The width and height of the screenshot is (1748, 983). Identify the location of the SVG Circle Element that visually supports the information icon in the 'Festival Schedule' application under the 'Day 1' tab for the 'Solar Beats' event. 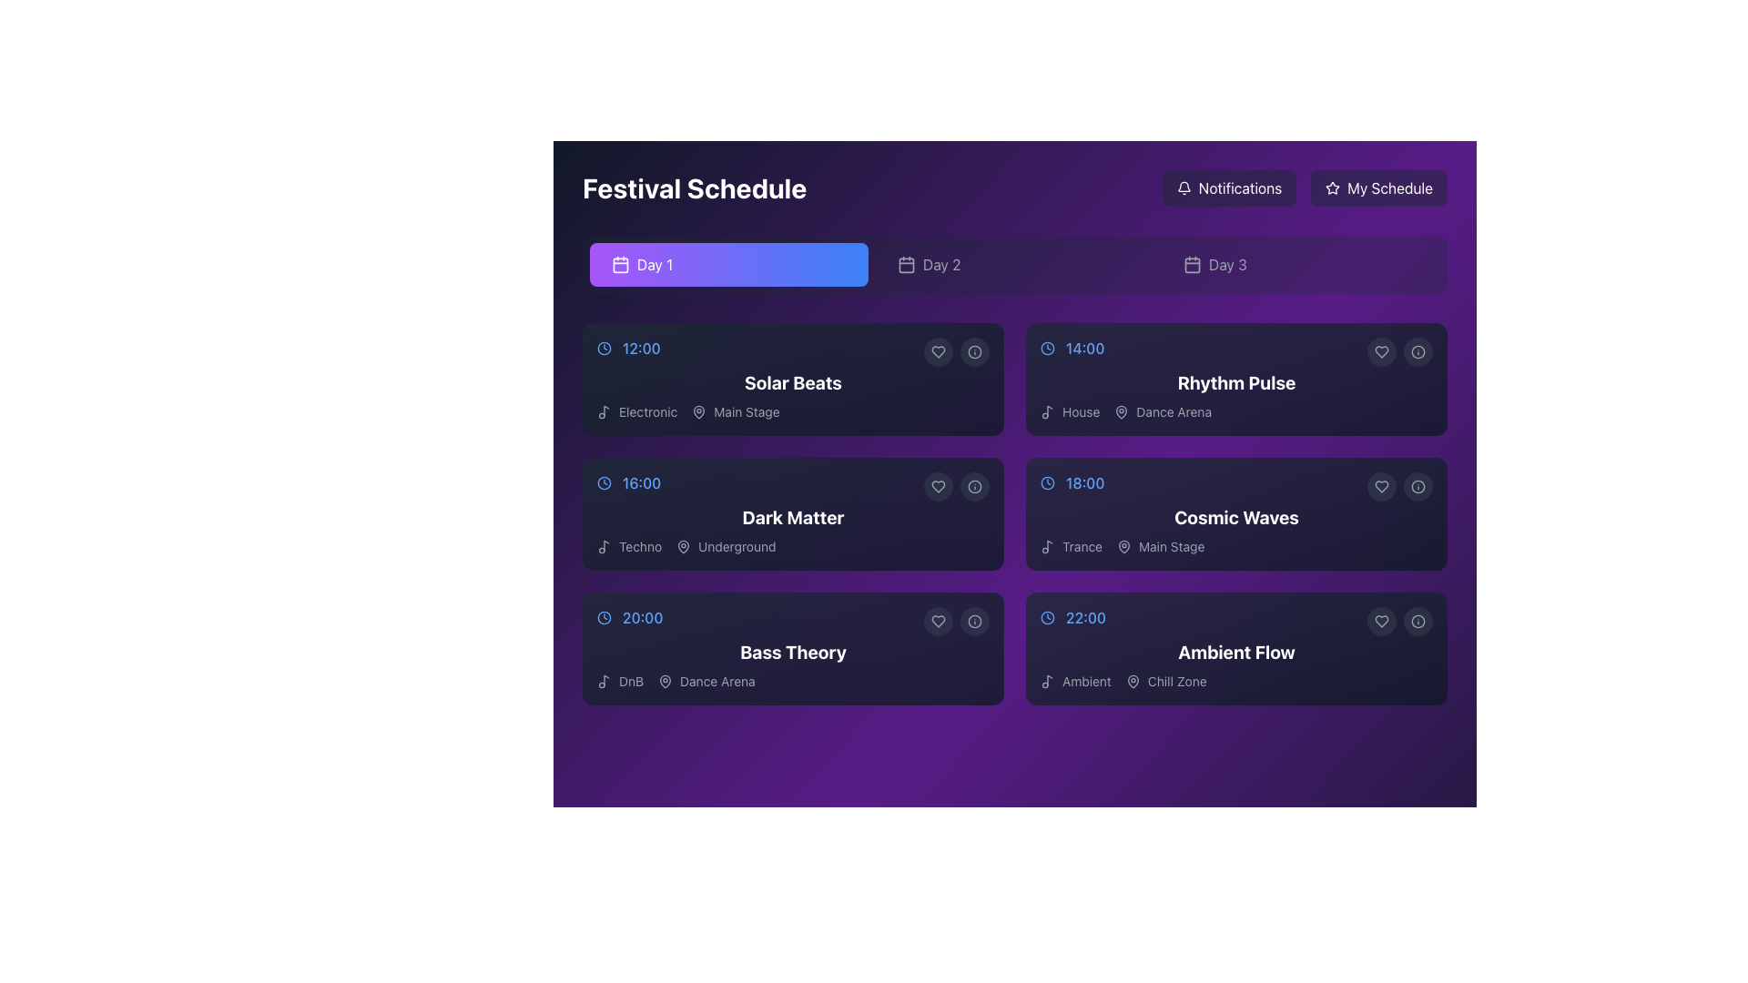
(973, 351).